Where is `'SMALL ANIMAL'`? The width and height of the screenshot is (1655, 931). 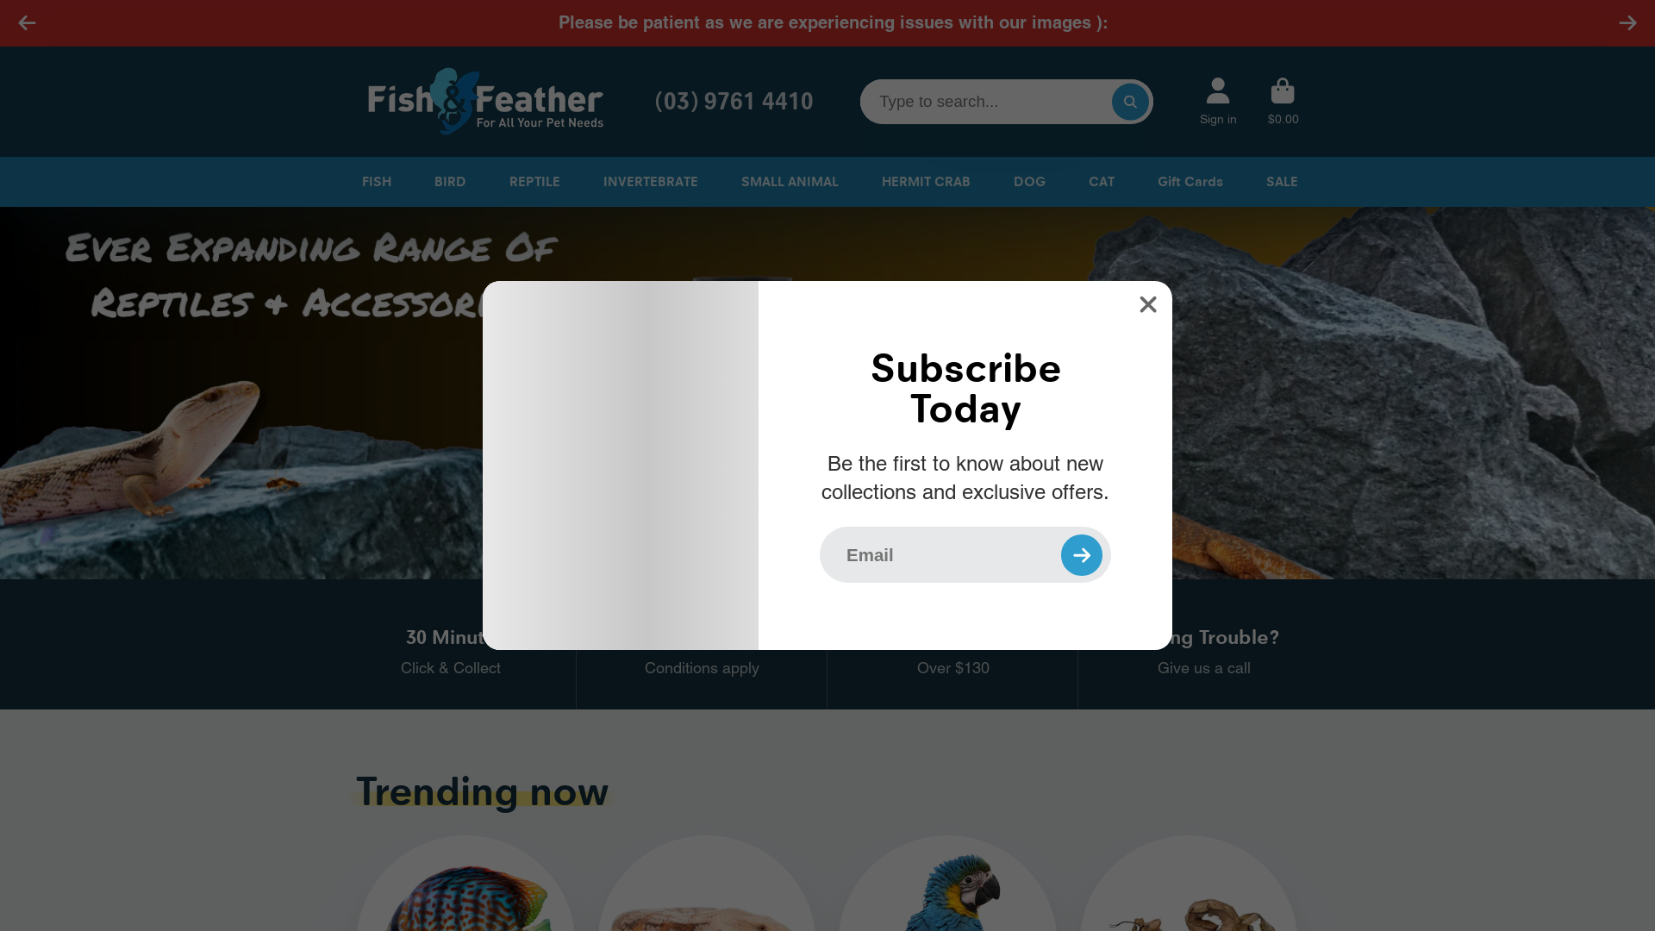 'SMALL ANIMAL' is located at coordinates (786, 182).